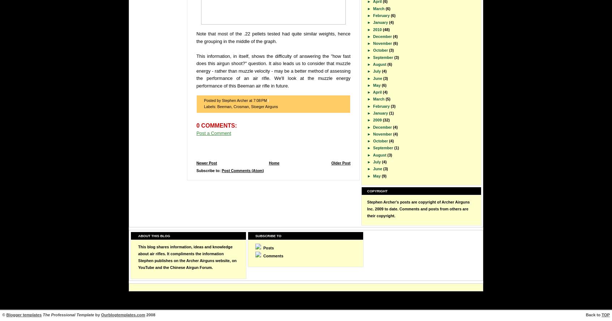 This screenshot has height=321, width=612. Describe the element at coordinates (23, 314) in the screenshot. I see `'Blogger templates'` at that location.